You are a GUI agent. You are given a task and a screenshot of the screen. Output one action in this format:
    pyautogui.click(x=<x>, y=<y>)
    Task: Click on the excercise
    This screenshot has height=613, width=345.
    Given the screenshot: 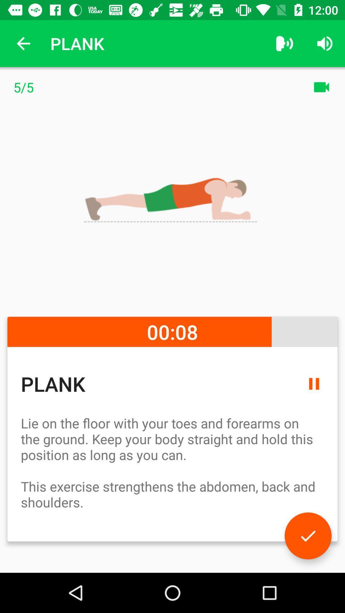 What is the action you would take?
    pyautogui.click(x=308, y=536)
    